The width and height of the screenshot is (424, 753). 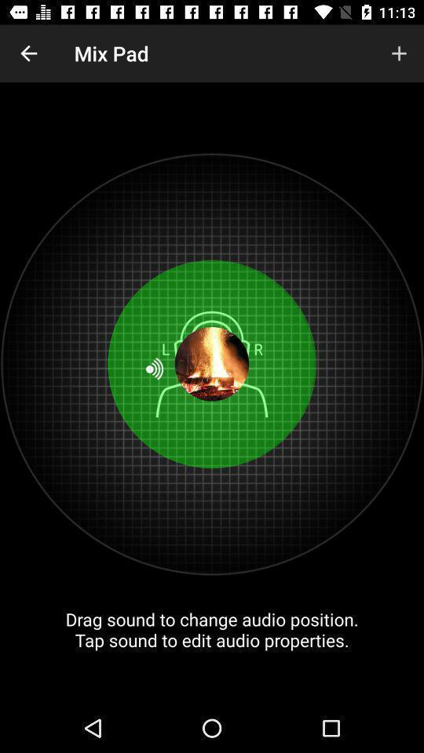 What do you see at coordinates (399, 53) in the screenshot?
I see `the item above drag sound to icon` at bounding box center [399, 53].